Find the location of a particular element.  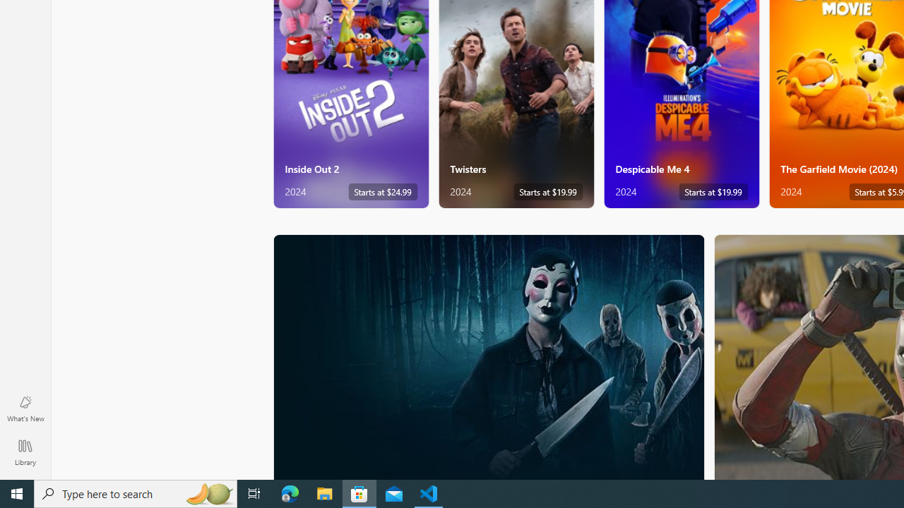

'Horror' is located at coordinates (489, 356).